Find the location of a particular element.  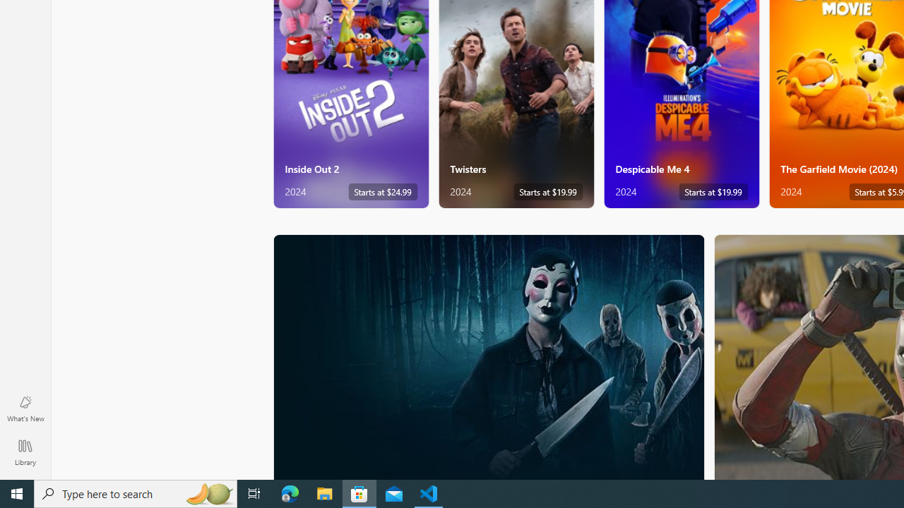

'Horror' is located at coordinates (489, 356).